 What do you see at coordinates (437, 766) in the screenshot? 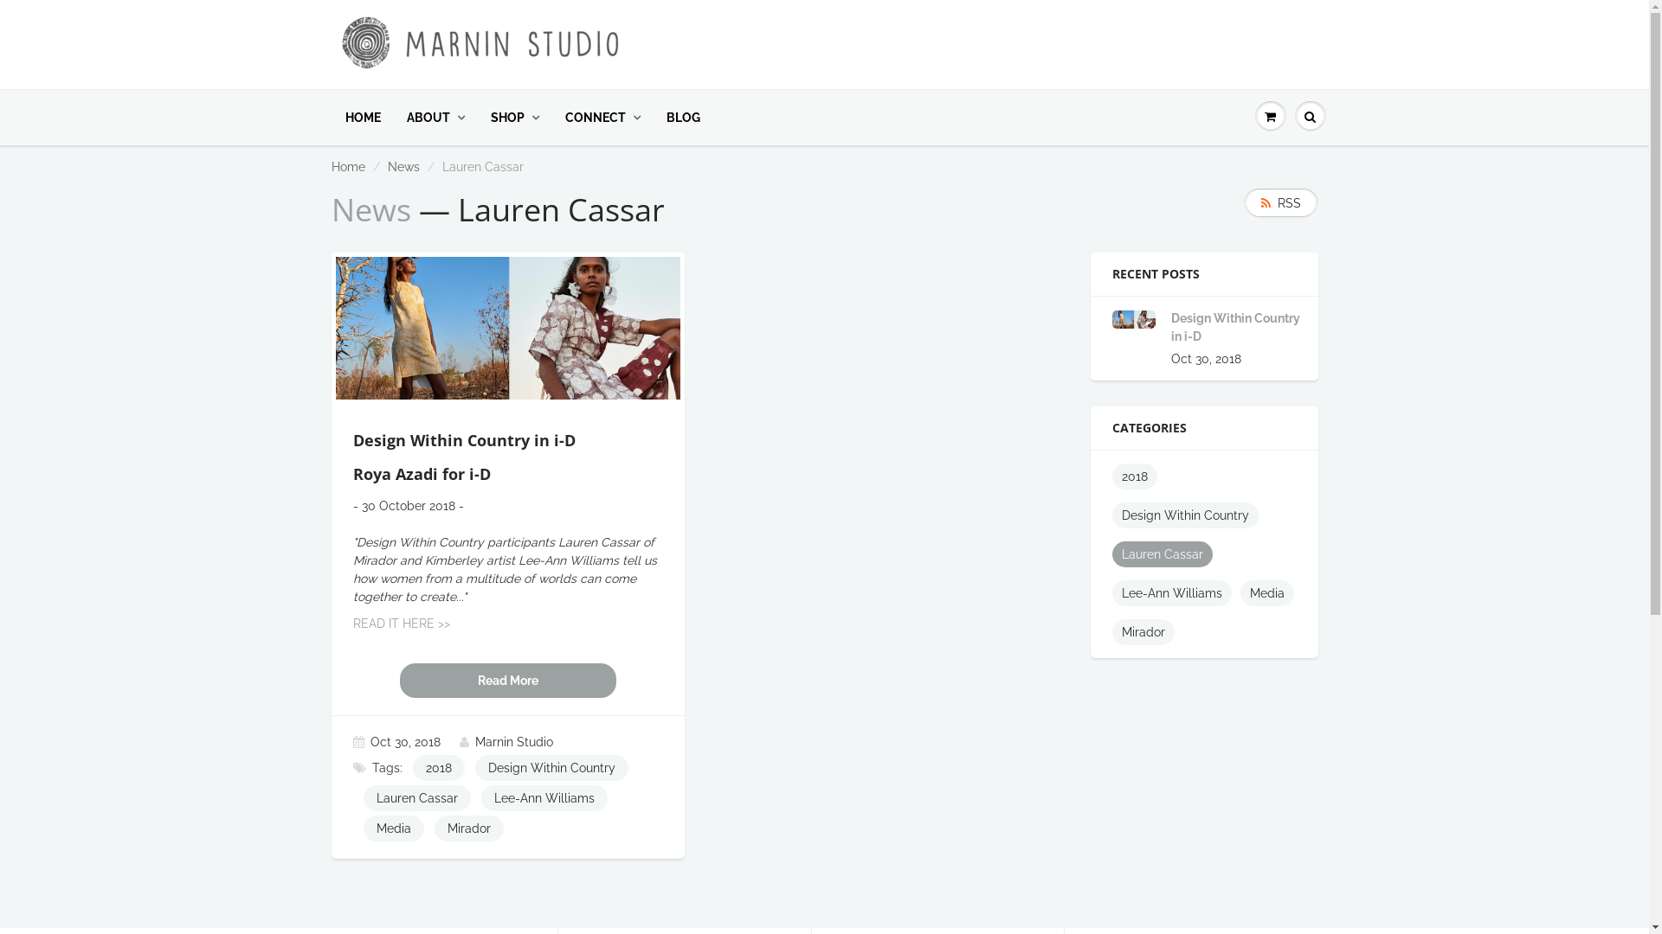
I see `'2018'` at bounding box center [437, 766].